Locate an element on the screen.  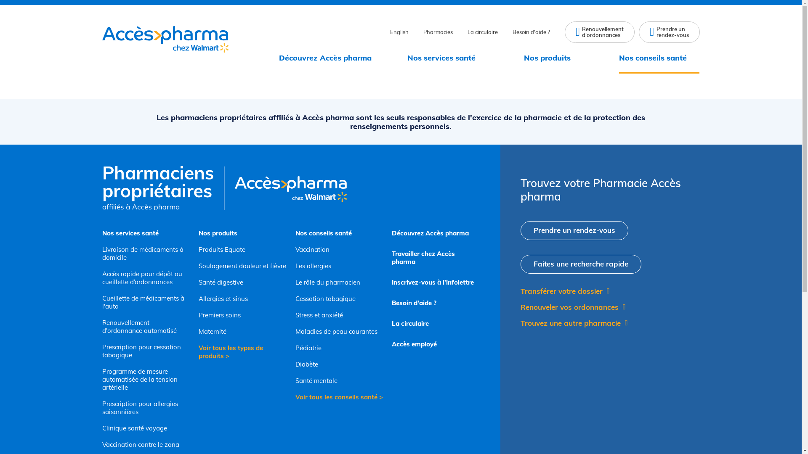
'Renouvellement is located at coordinates (599, 32).